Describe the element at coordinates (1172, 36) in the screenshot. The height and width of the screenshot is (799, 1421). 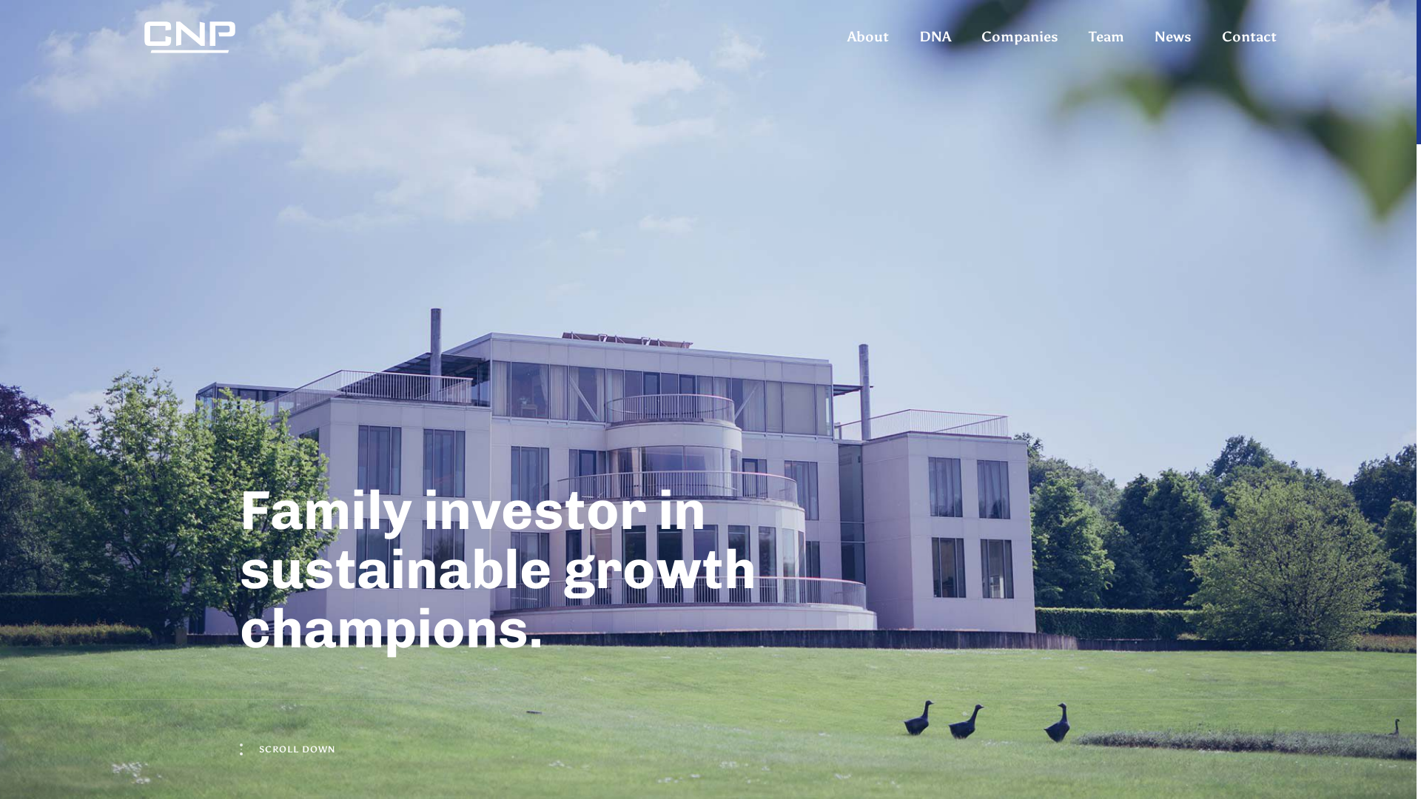
I see `'News'` at that location.